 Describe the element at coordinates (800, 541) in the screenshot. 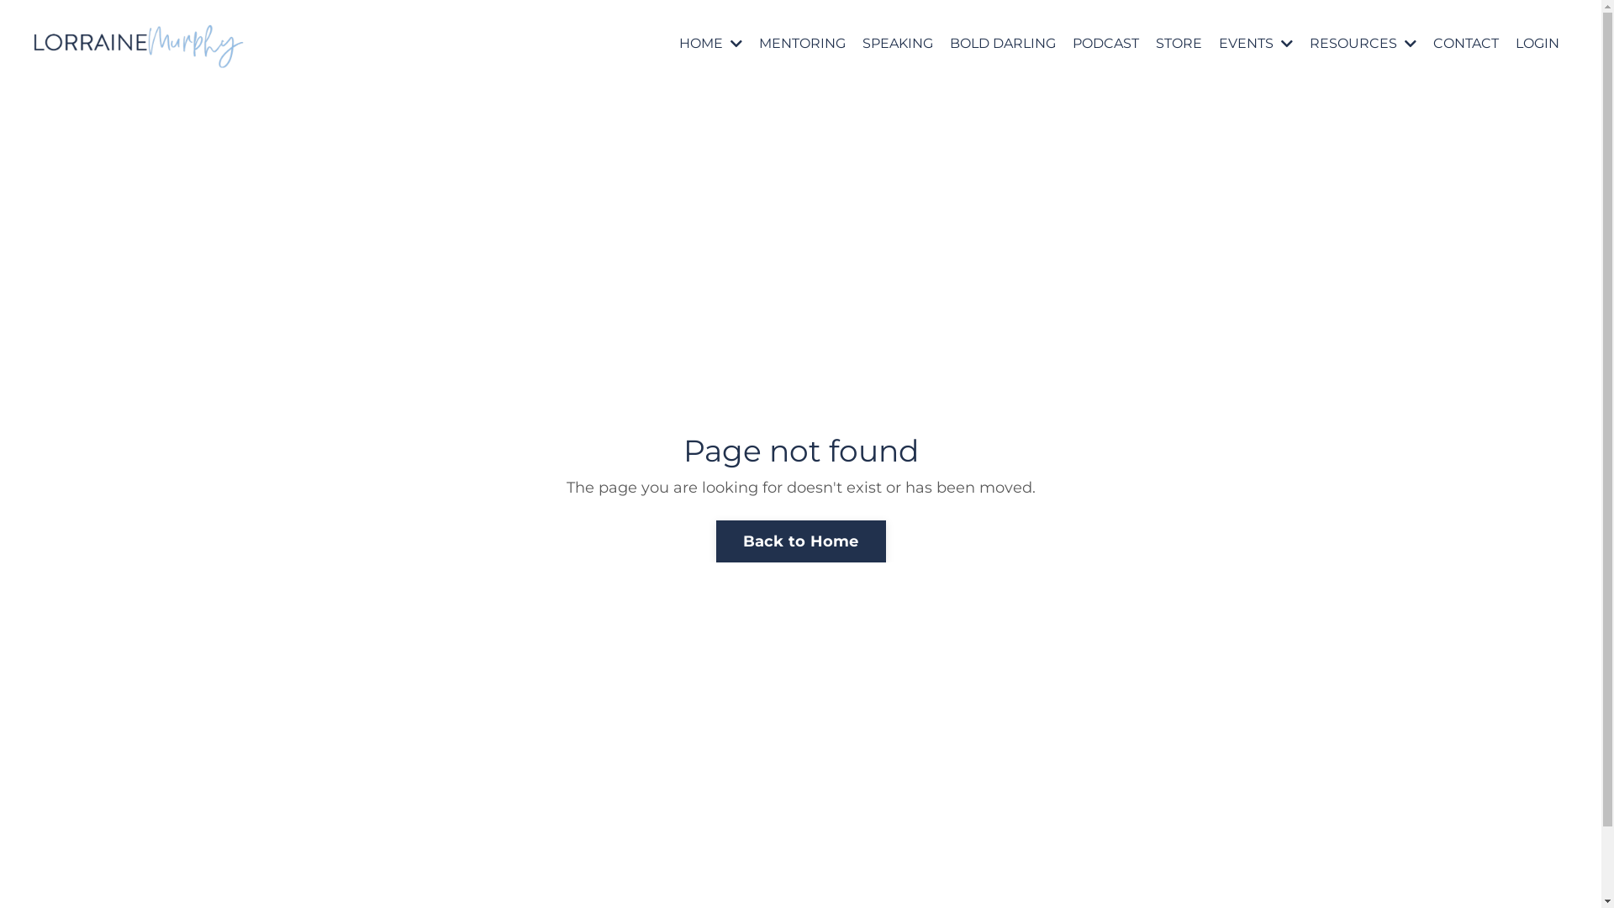

I see `'Back to Home'` at that location.